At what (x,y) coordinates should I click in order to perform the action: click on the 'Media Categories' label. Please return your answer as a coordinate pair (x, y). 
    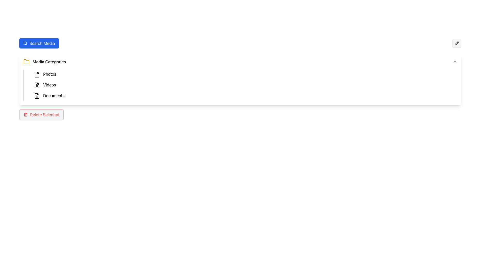
    Looking at the image, I should click on (44, 61).